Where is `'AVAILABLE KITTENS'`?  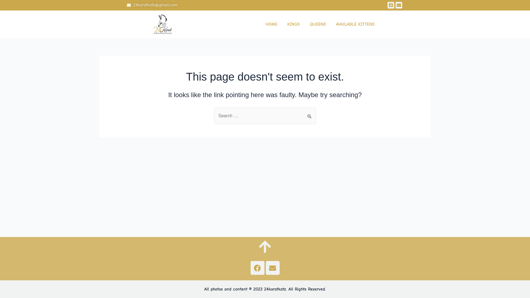
'AVAILABLE KITTENS' is located at coordinates (333, 24).